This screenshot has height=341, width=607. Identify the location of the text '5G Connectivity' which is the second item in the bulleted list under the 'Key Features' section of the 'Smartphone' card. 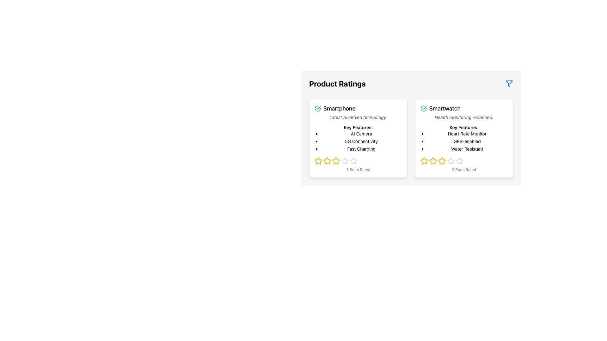
(361, 141).